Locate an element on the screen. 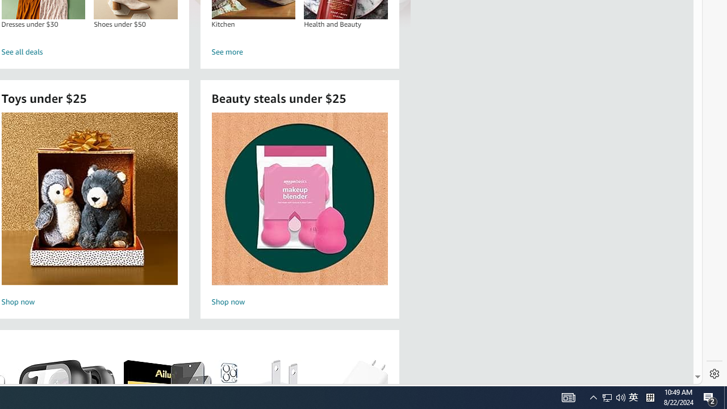 The image size is (727, 409). 'Beauty steals under $25 Shop now' is located at coordinates (299, 211).